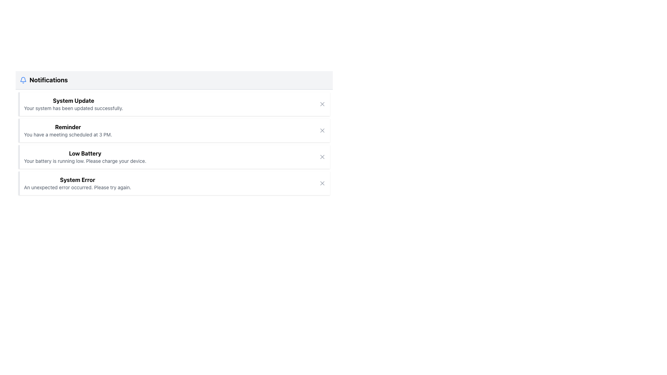 Image resolution: width=667 pixels, height=375 pixels. Describe the element at coordinates (322, 104) in the screenshot. I see `the Close button icon located on the far right side of the 'System Update' notification item` at that location.